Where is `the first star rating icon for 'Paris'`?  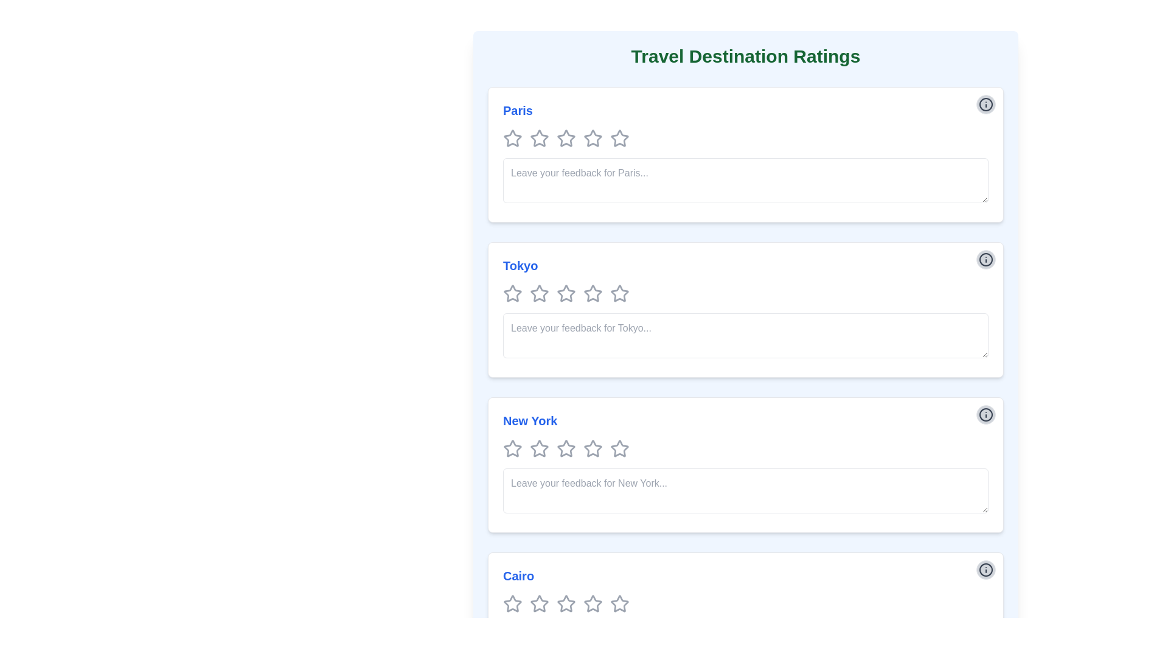 the first star rating icon for 'Paris' is located at coordinates (539, 137).